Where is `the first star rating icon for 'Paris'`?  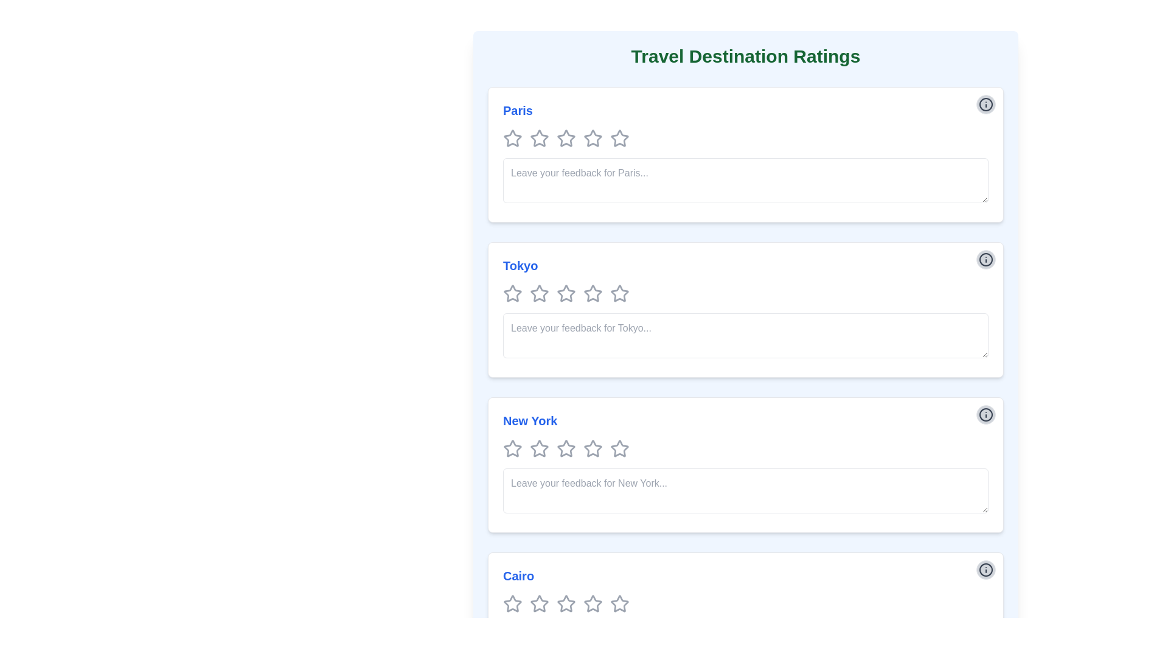 the first star rating icon for 'Paris' is located at coordinates (539, 137).